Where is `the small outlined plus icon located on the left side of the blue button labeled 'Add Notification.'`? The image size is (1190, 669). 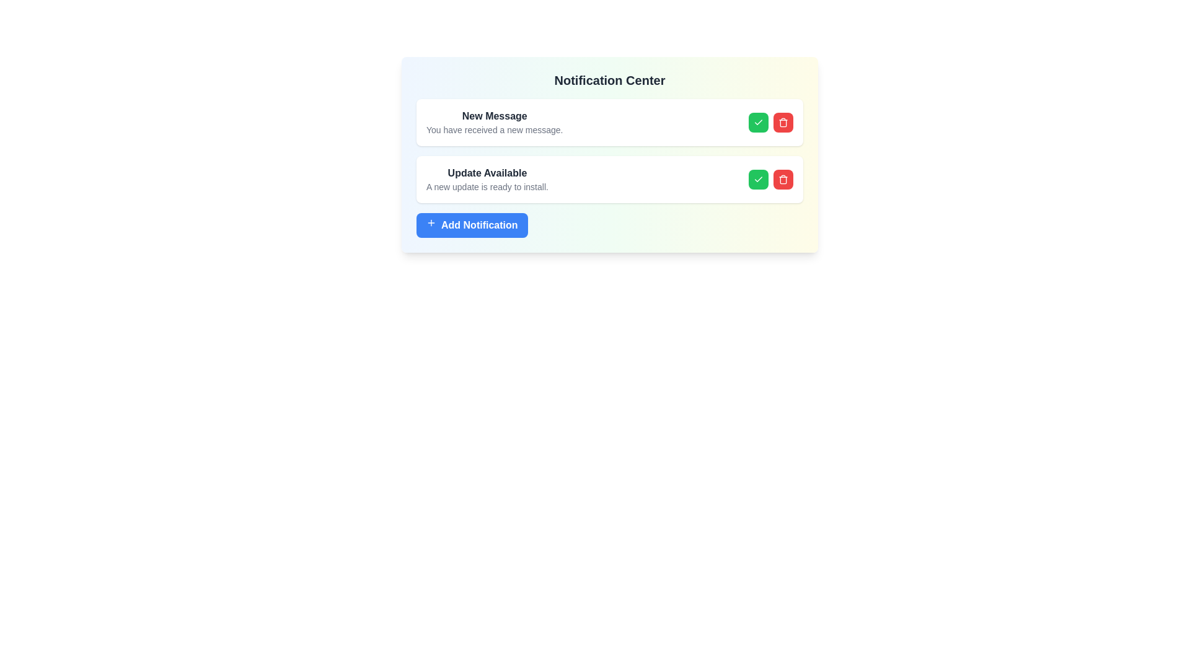 the small outlined plus icon located on the left side of the blue button labeled 'Add Notification.' is located at coordinates (431, 222).